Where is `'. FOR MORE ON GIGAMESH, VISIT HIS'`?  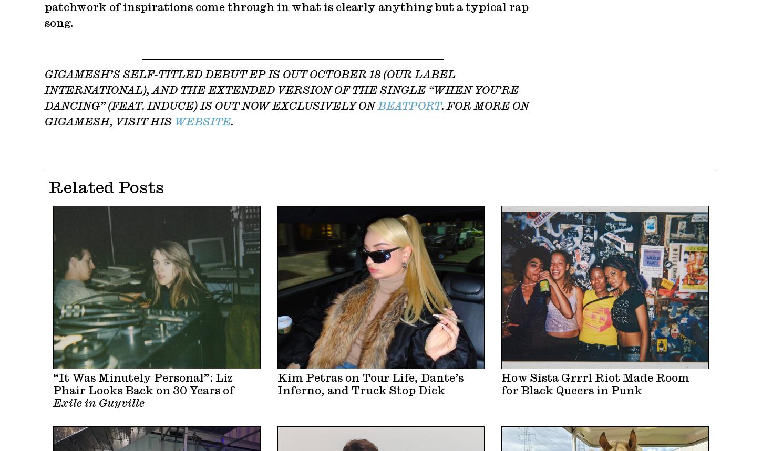 '. FOR MORE ON GIGAMESH, VISIT HIS' is located at coordinates (287, 113).